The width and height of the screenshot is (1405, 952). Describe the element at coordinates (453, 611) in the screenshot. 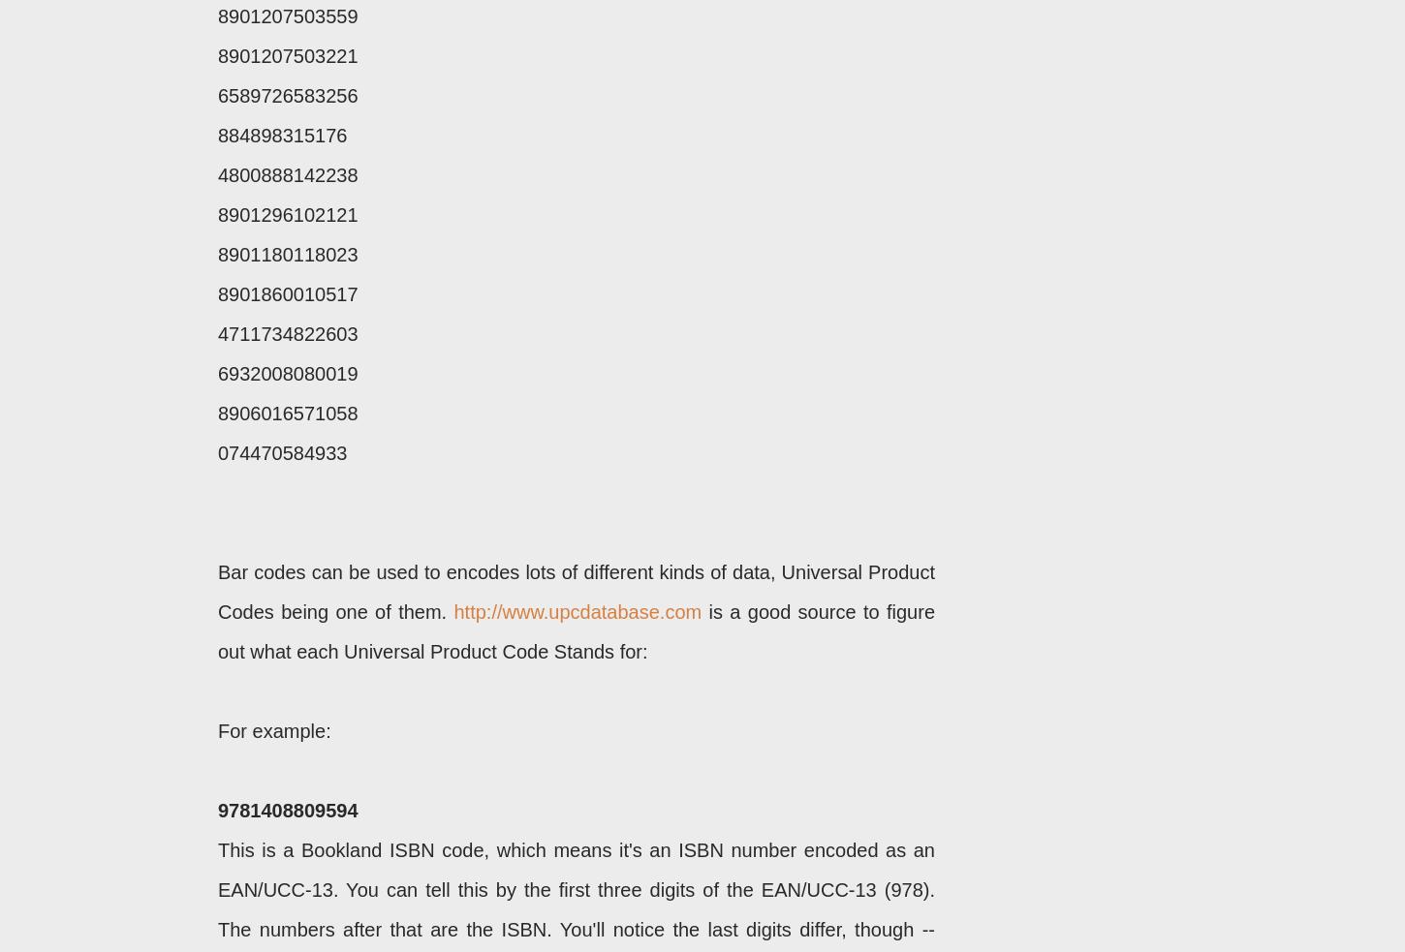

I see `'http://www.upcdatabase.com'` at that location.